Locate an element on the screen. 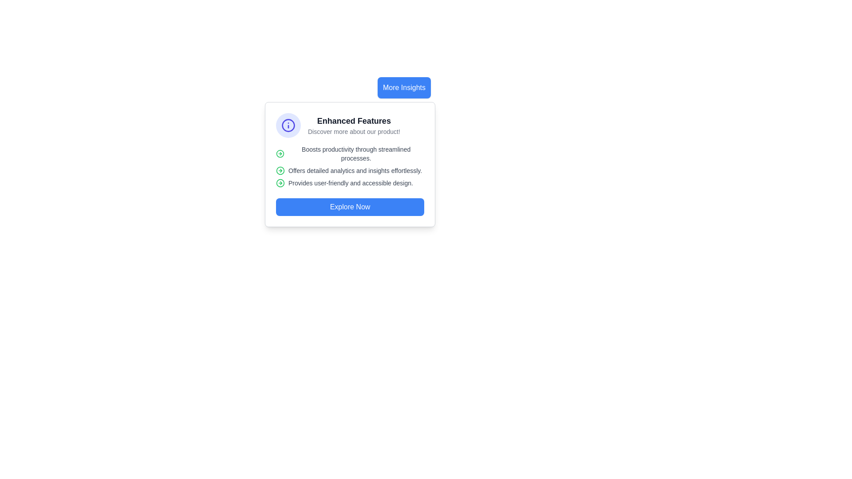  the Text with icon that highlights the product's ability to provide detailed analytics and insights, located as the second item in the 'Enhanced Features' list is located at coordinates (349, 171).